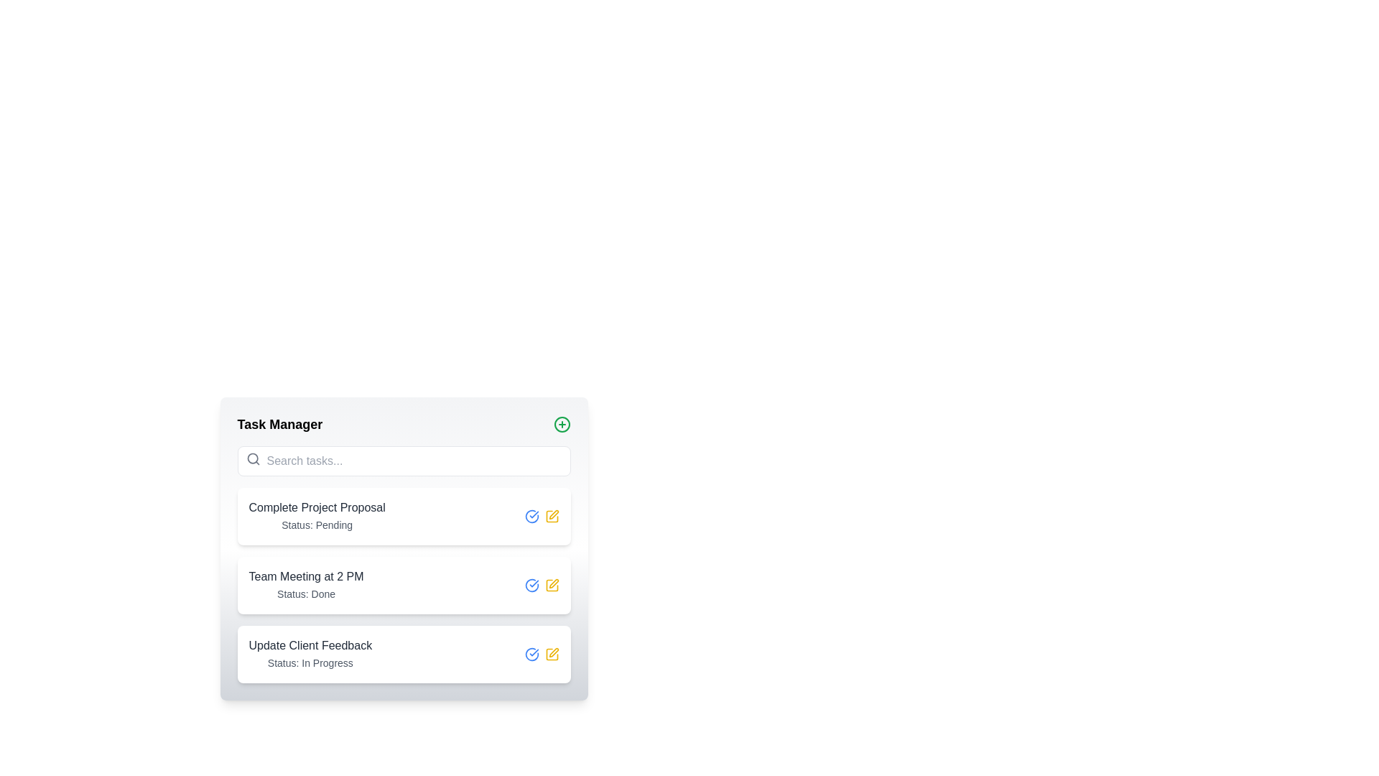  What do you see at coordinates (305, 585) in the screenshot?
I see `the task entry displaying 'Team Meeting at 2 PM' with the status 'Status: Done' in the Task Manager` at bounding box center [305, 585].